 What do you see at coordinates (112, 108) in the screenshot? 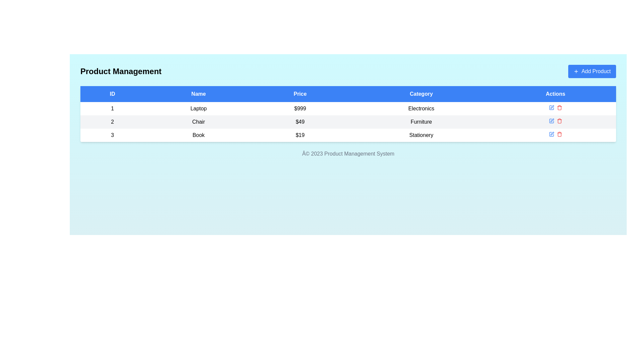
I see `the numeric label displaying the value '1' in the first column of the tabular row under the column header 'ID'` at bounding box center [112, 108].